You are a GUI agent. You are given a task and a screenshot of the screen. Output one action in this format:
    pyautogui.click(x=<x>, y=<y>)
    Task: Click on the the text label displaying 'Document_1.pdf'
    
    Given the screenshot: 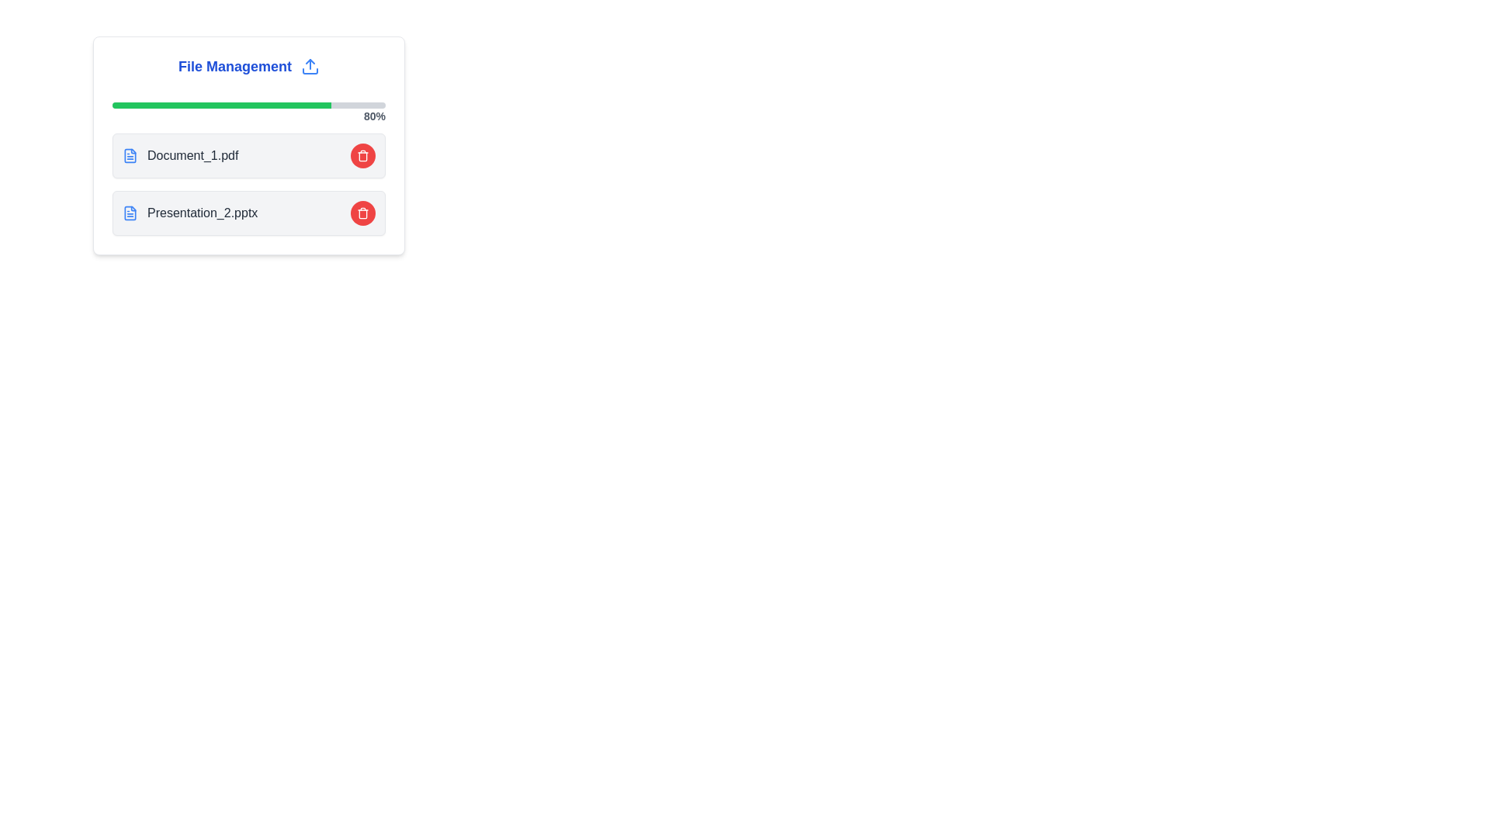 What is the action you would take?
    pyautogui.click(x=192, y=155)
    